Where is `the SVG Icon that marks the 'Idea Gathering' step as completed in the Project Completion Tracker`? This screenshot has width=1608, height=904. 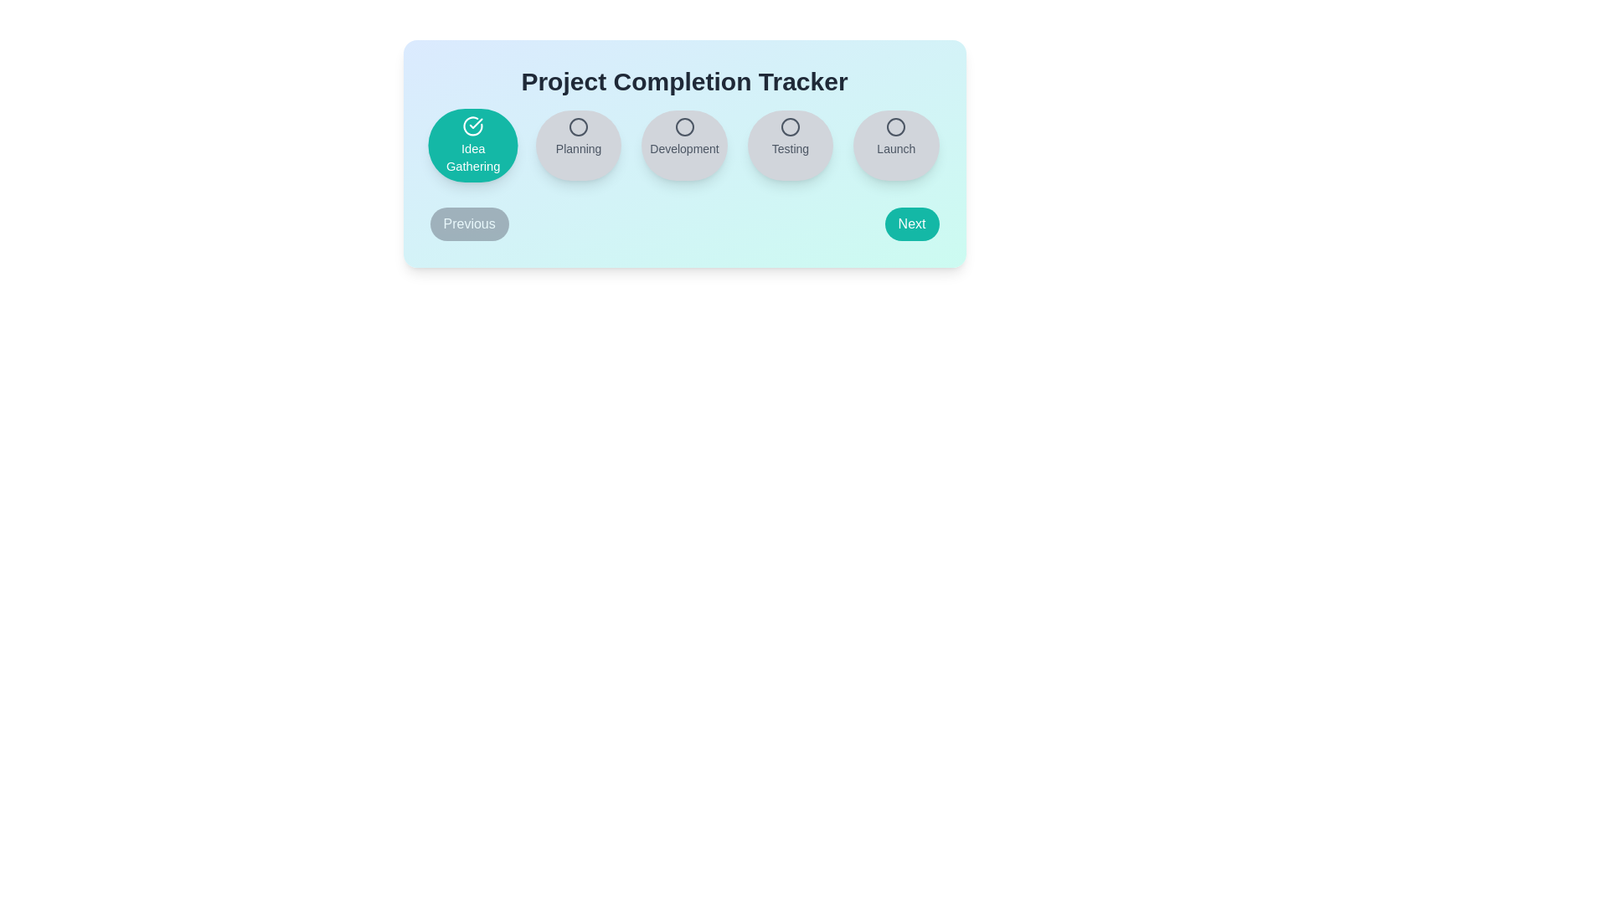
the SVG Icon that marks the 'Idea Gathering' step as completed in the Project Completion Tracker is located at coordinates (472, 125).